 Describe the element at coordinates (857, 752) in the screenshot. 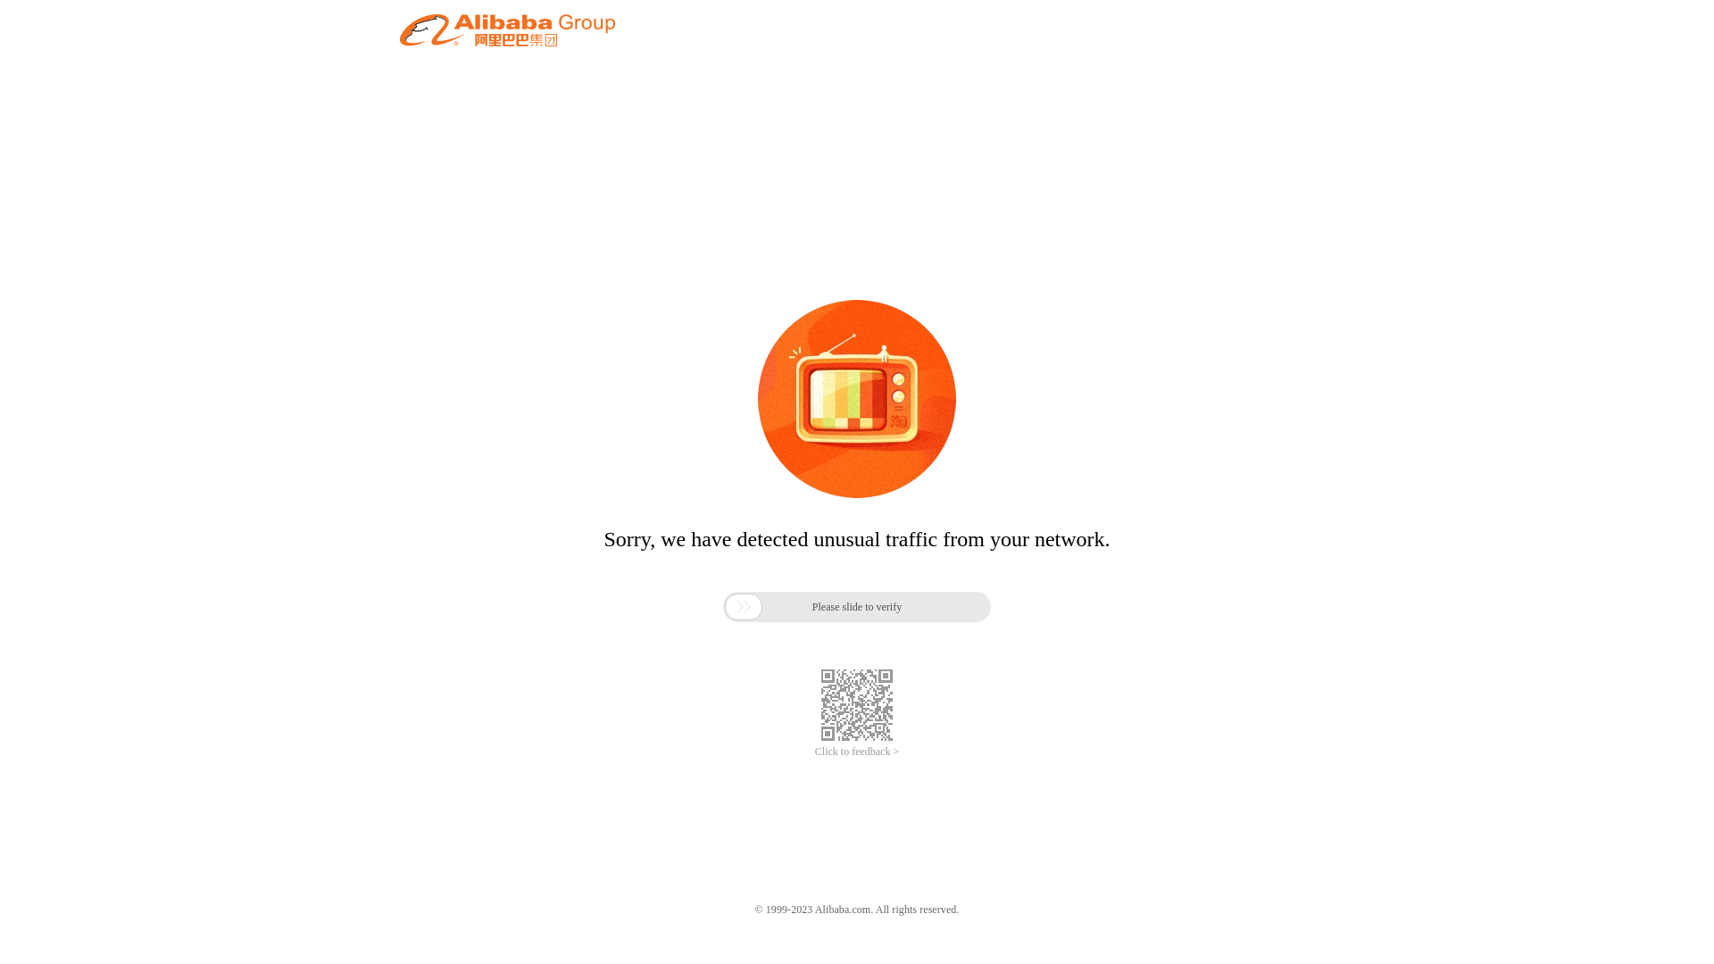

I see `'Click to feedback >'` at that location.